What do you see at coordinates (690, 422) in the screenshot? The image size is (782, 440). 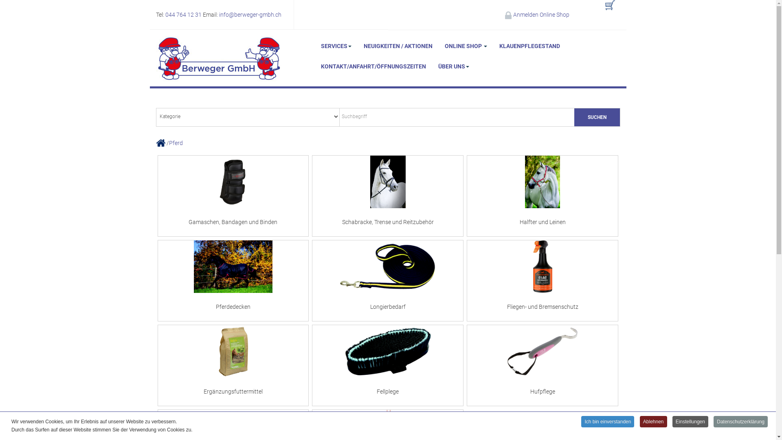 I see `'Einstellungen'` at bounding box center [690, 422].